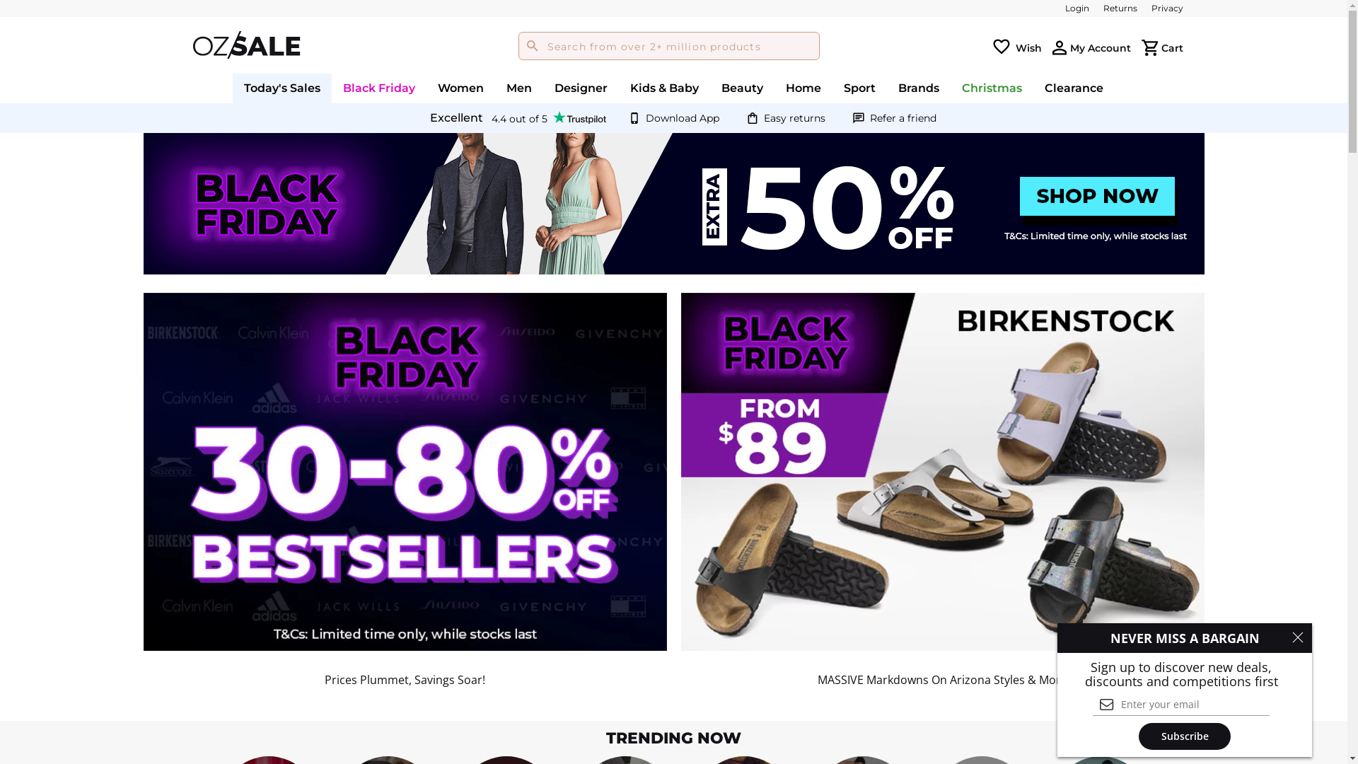  Describe the element at coordinates (919, 88) in the screenshot. I see `'Brands'` at that location.